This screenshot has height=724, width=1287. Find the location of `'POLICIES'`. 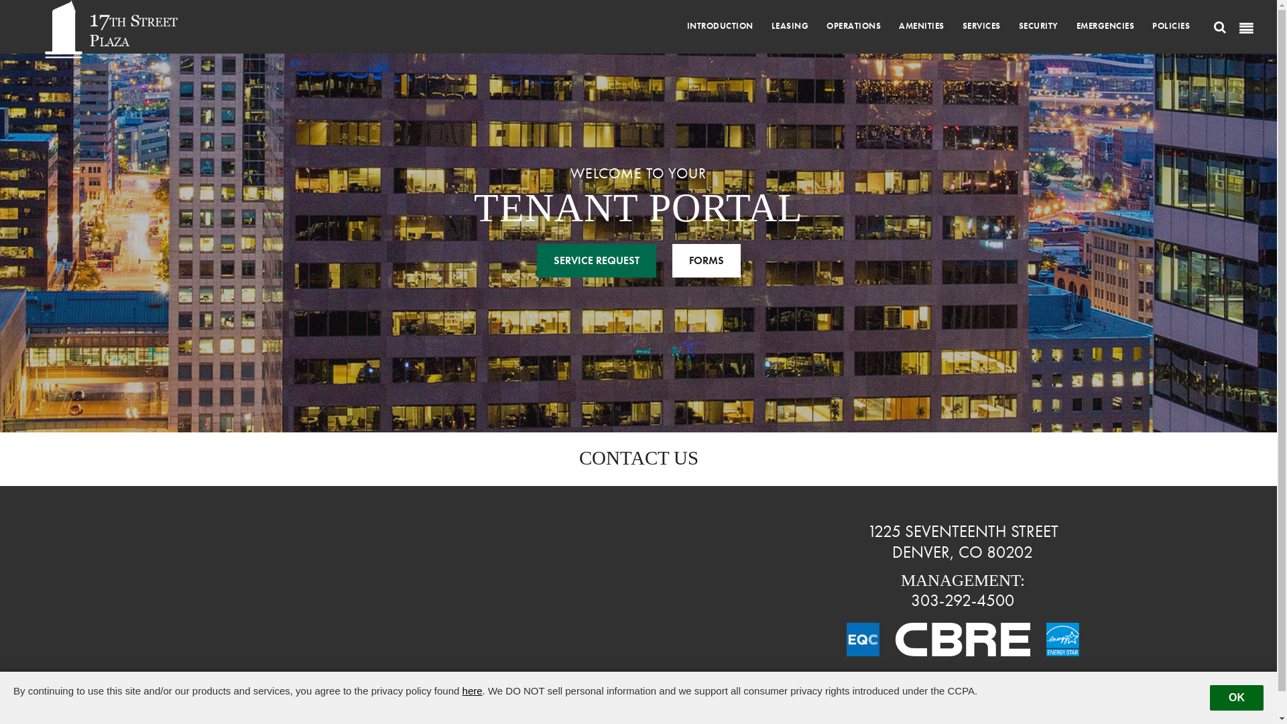

'POLICIES' is located at coordinates (1170, 25).